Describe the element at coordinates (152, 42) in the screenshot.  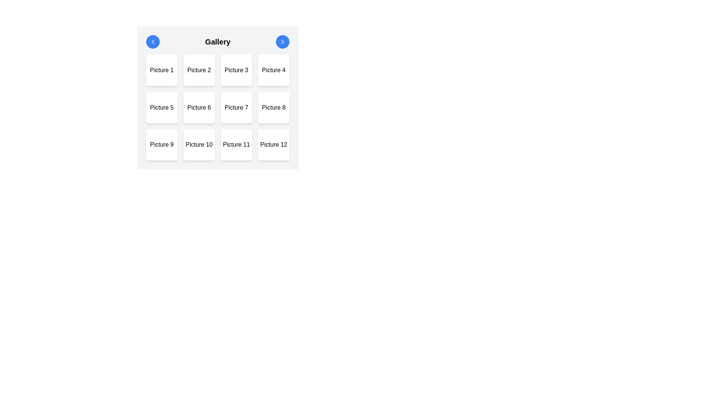
I see `the left-pointing chevron icon located inside the top-left circular button of the gallery interface` at that location.